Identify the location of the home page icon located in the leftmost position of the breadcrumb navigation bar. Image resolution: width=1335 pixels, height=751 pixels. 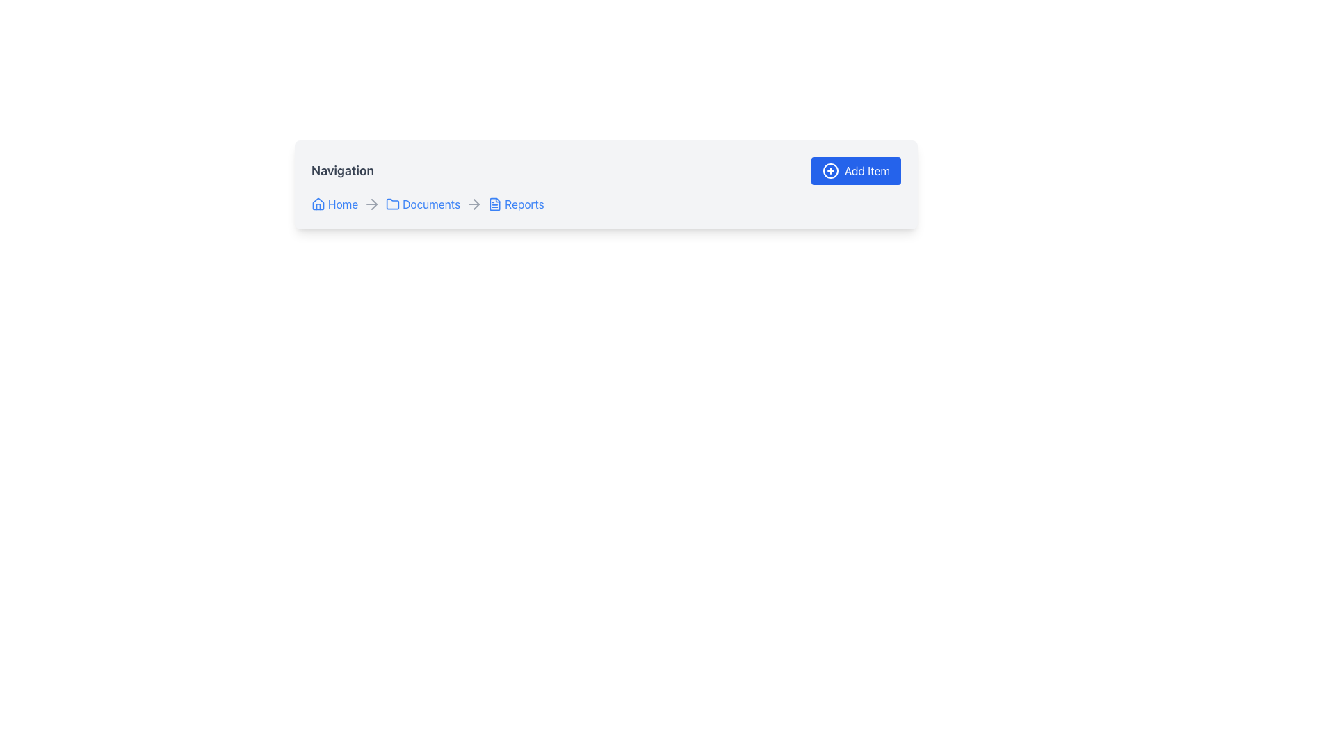
(317, 204).